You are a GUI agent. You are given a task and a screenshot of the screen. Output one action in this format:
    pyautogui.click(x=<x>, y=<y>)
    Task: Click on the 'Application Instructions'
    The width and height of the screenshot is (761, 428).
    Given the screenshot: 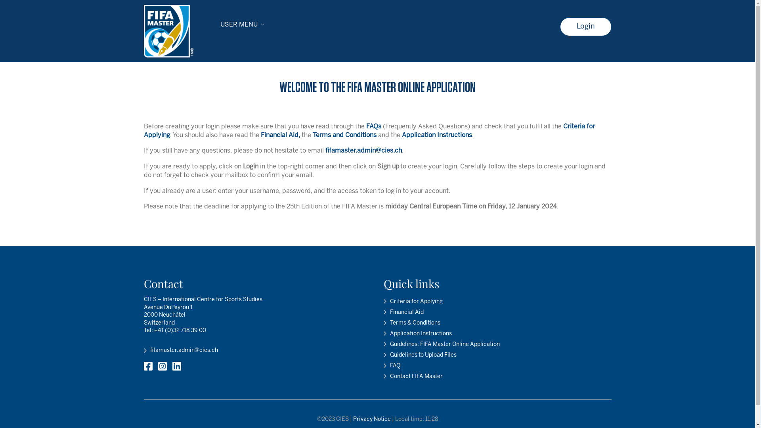 What is the action you would take?
    pyautogui.click(x=436, y=135)
    